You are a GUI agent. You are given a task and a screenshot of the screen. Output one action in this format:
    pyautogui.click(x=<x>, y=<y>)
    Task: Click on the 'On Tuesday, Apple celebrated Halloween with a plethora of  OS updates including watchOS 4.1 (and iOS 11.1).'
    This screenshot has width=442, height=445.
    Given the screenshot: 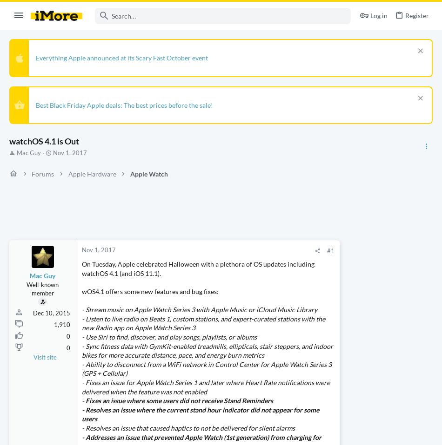 What is the action you would take?
    pyautogui.click(x=171, y=268)
    